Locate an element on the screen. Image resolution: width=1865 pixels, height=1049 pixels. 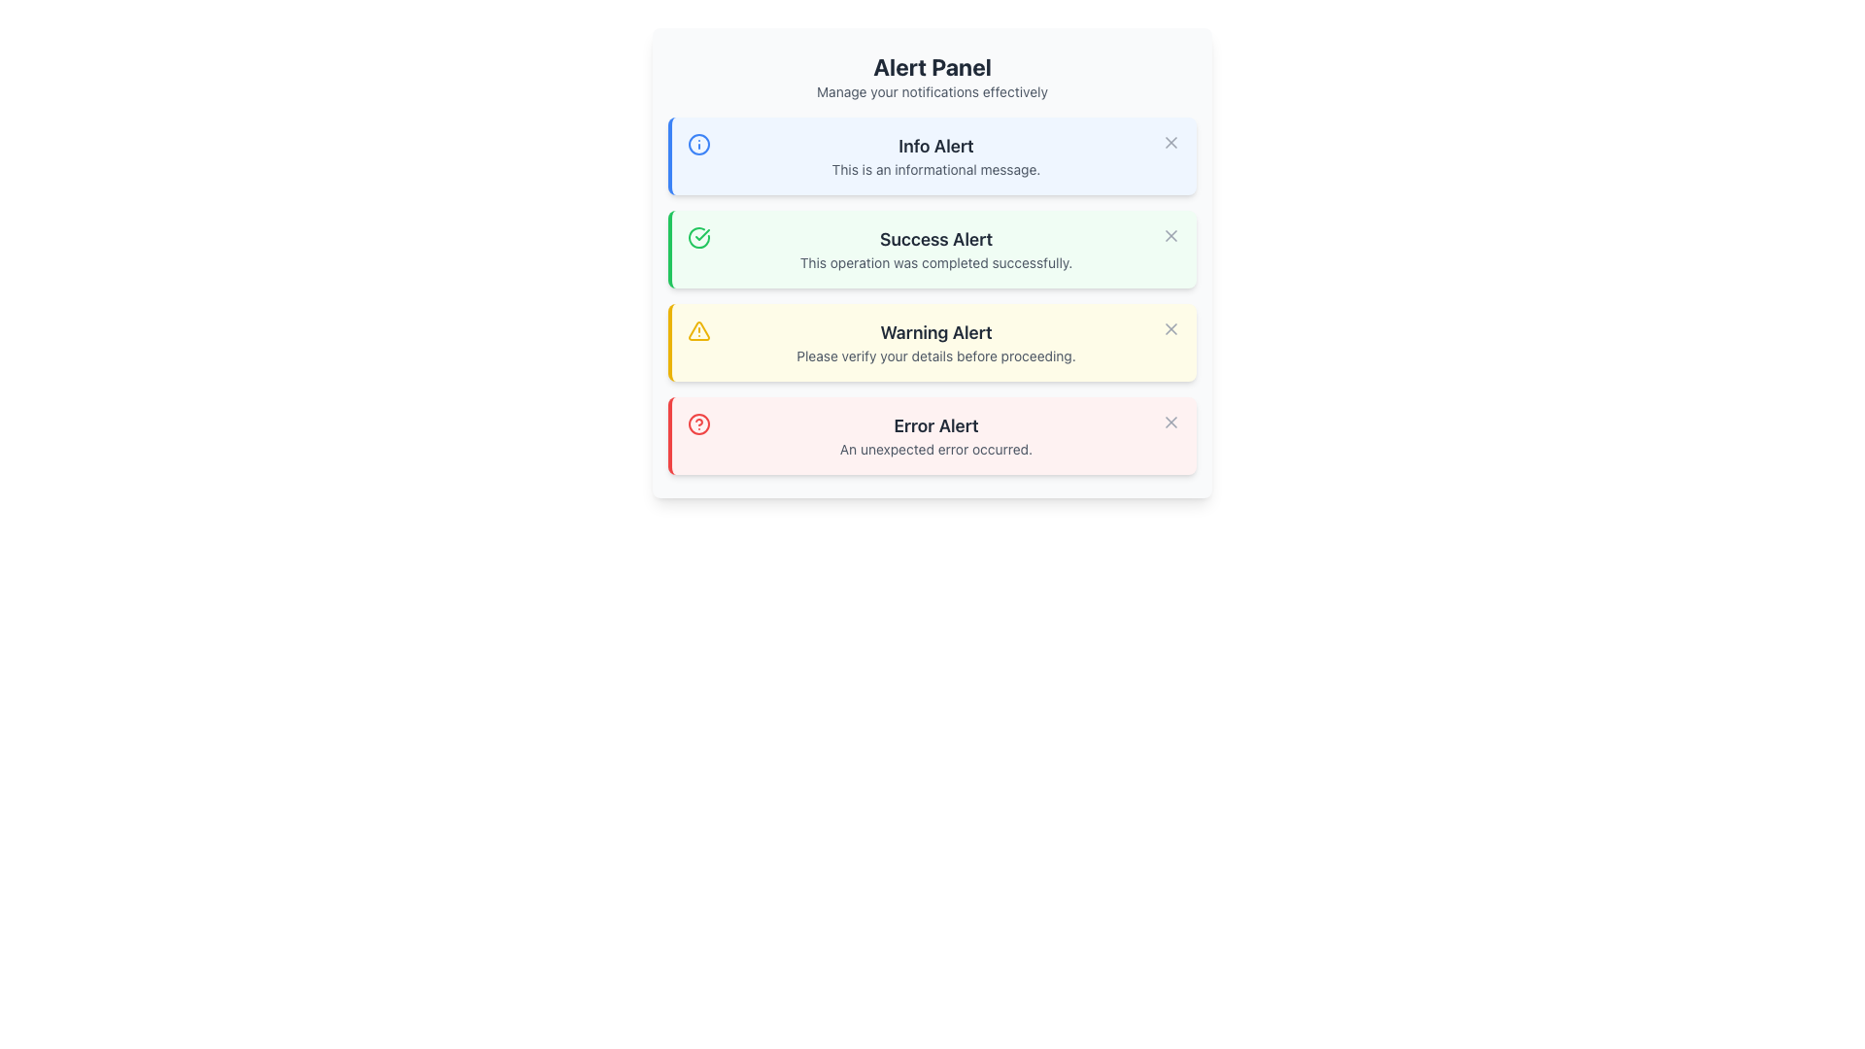
the Text Label that provides guidance for managing notifications within the 'Alert Panel' is located at coordinates (932, 92).